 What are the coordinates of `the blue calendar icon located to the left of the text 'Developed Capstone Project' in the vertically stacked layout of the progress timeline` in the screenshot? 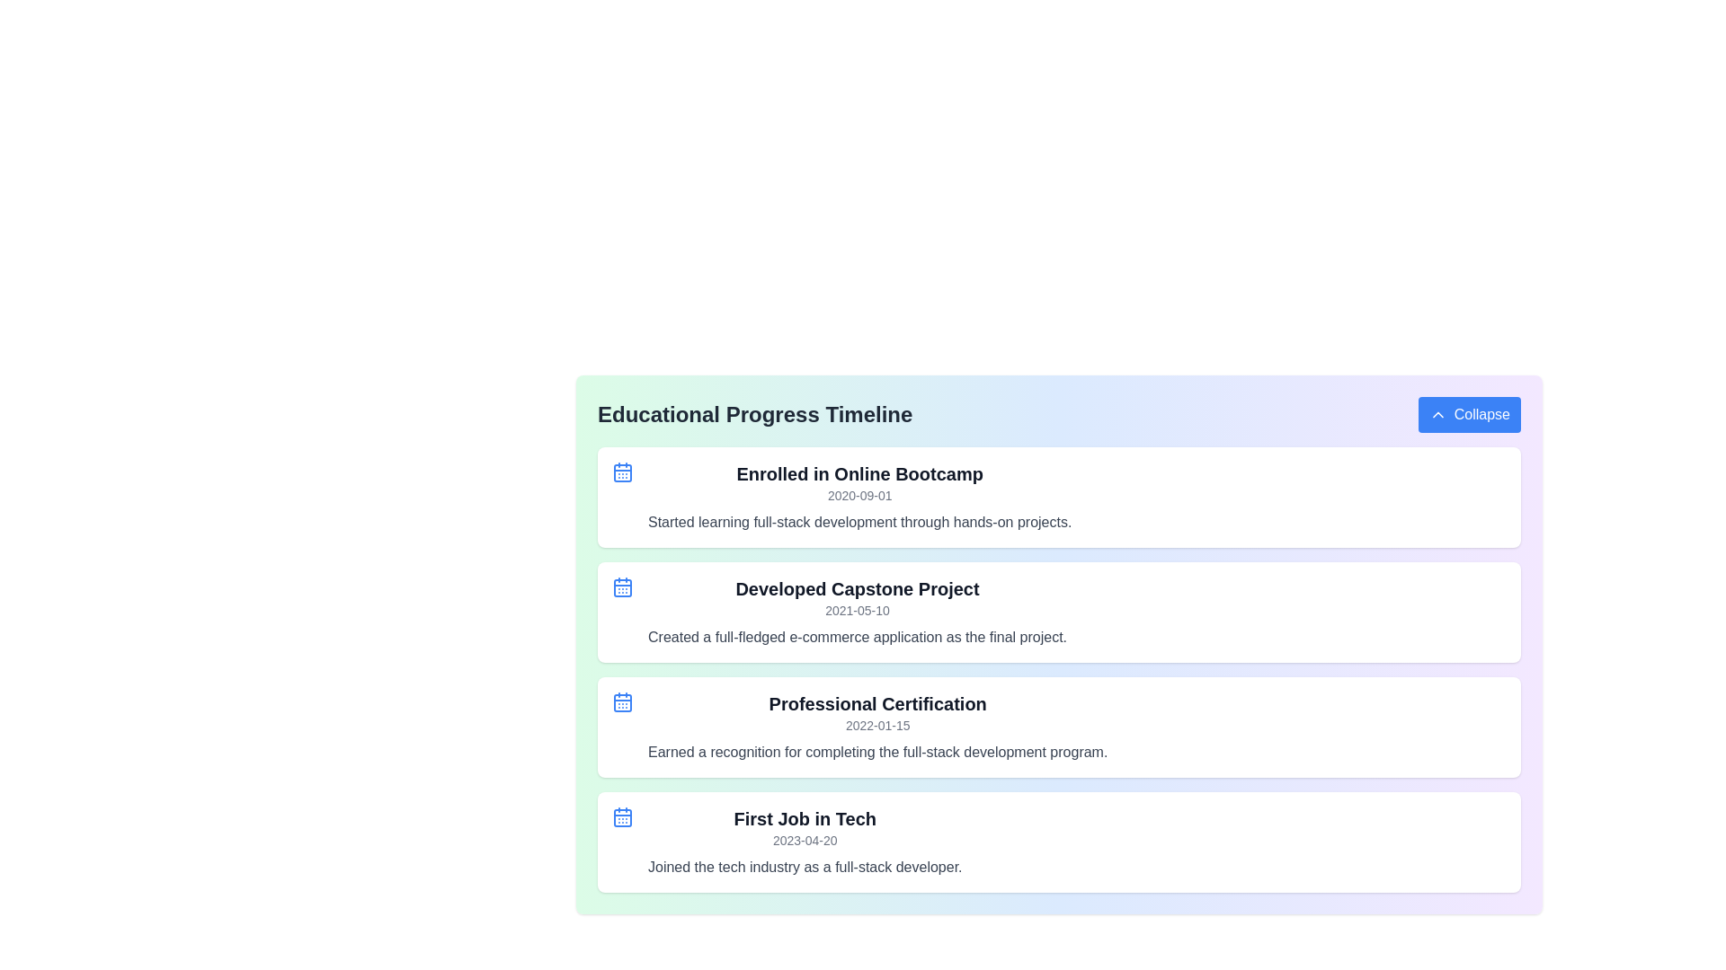 It's located at (622, 587).